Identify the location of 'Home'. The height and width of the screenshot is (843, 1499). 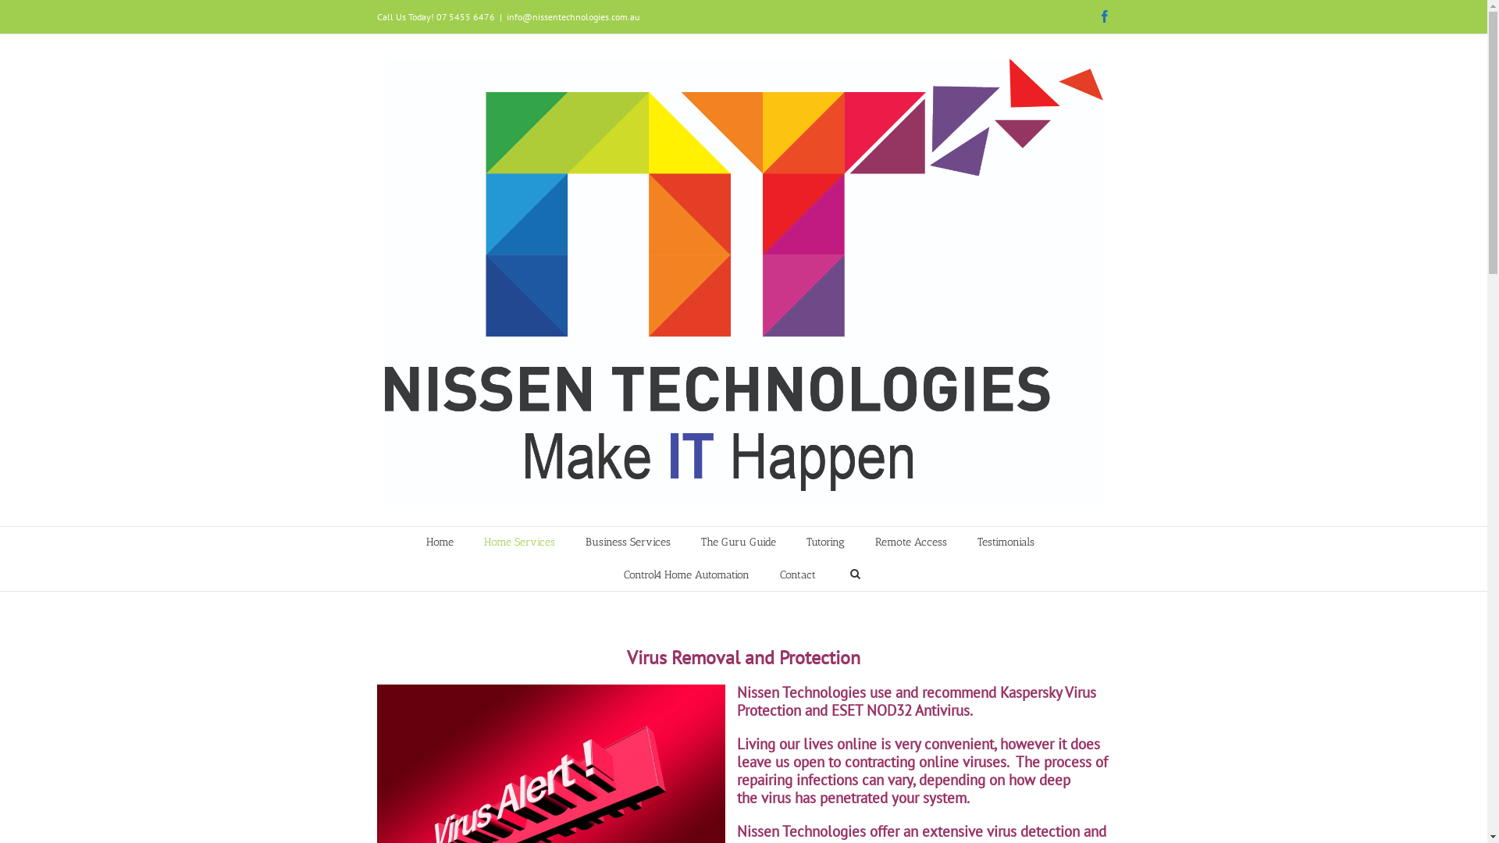
(439, 541).